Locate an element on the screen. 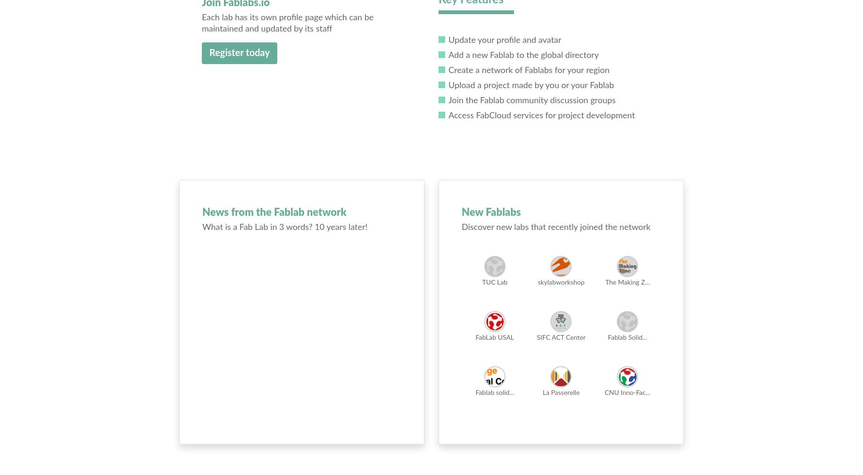  'Add a new Fablab to the global directory' is located at coordinates (523, 56).